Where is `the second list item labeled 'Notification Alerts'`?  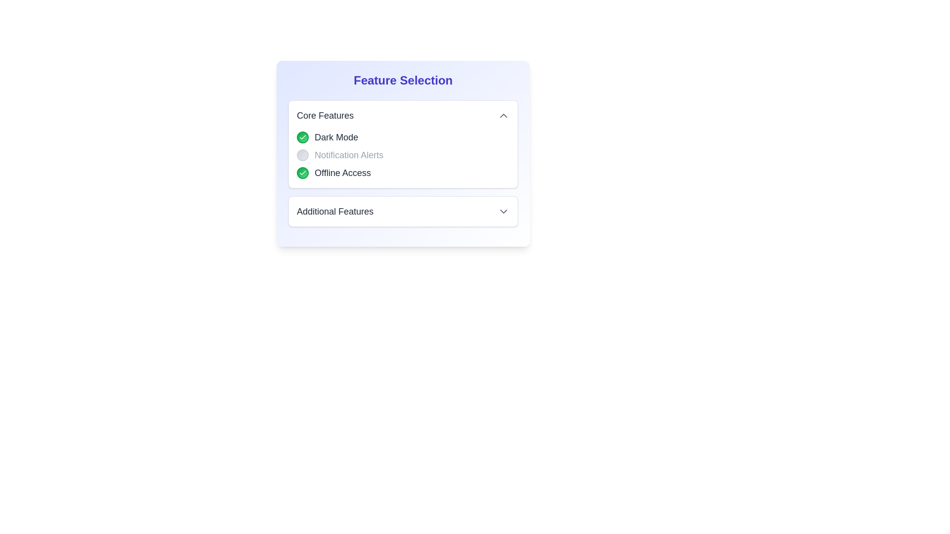
the second list item labeled 'Notification Alerts' is located at coordinates (403, 155).